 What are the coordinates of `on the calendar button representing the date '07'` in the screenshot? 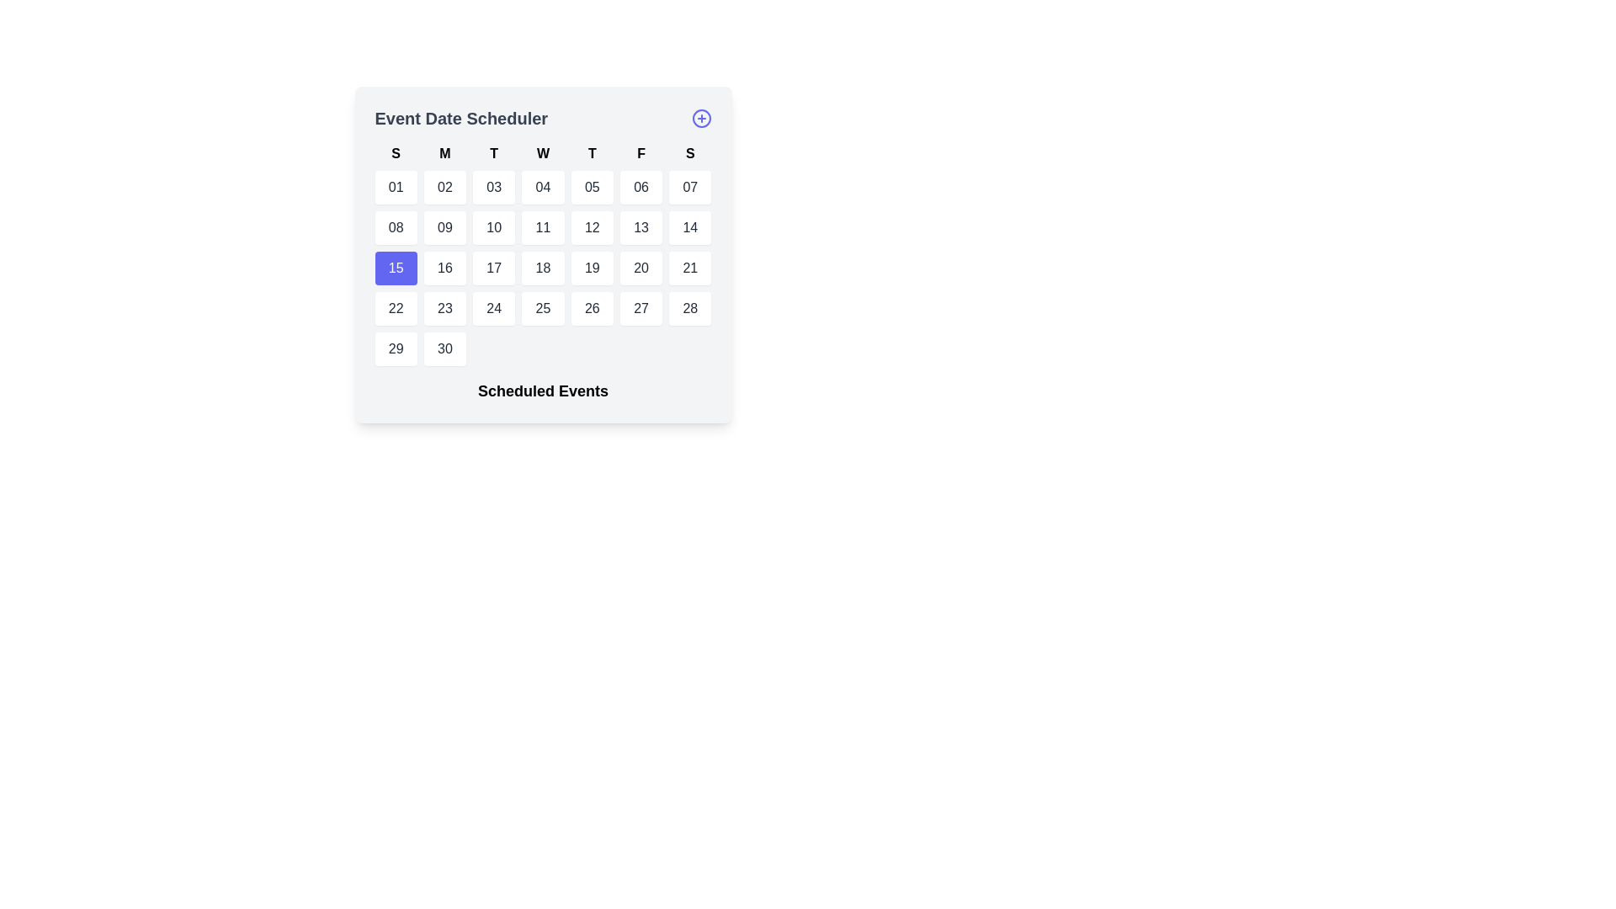 It's located at (690, 188).